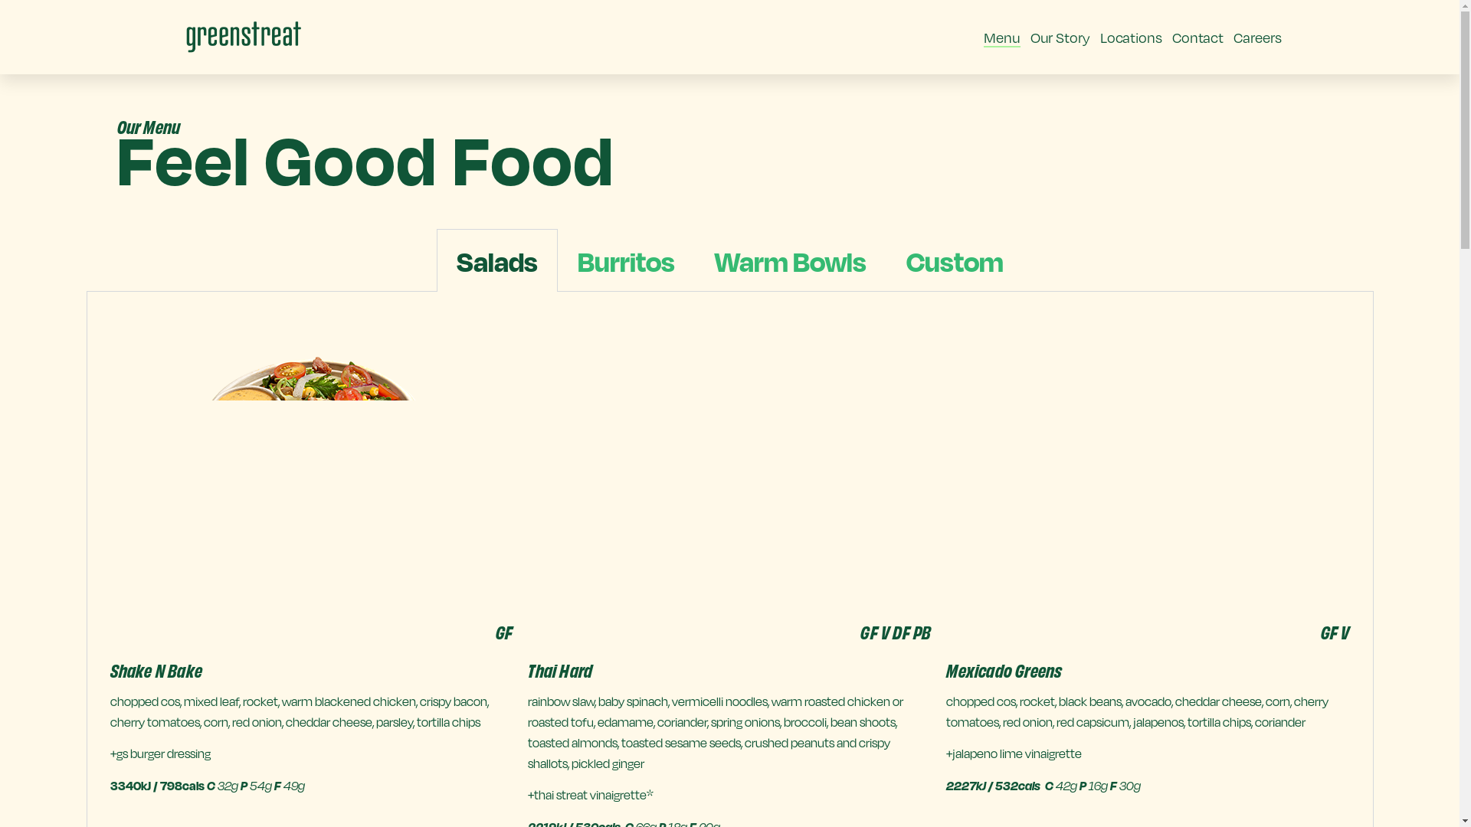  What do you see at coordinates (1059, 37) in the screenshot?
I see `'Our Story'` at bounding box center [1059, 37].